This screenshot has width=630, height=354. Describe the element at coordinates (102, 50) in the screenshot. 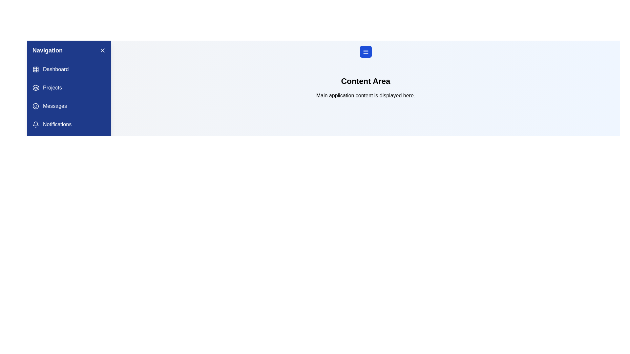

I see `the 'X' button in the drawer header to toggle its visibility` at that location.